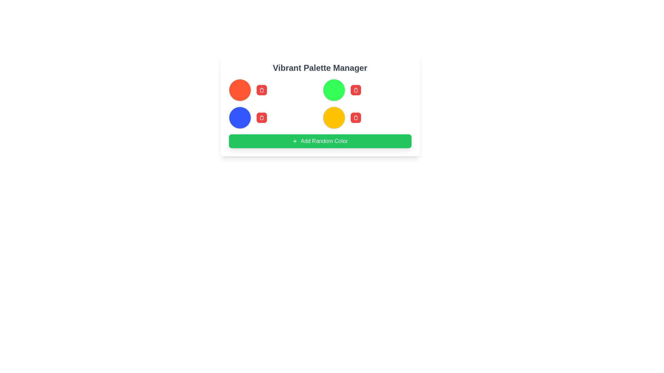 The width and height of the screenshot is (664, 373). I want to click on the small red delete button with a trash icon located to the right of the yellow circular icon in the grid layout to activate its hover effect, so click(356, 117).